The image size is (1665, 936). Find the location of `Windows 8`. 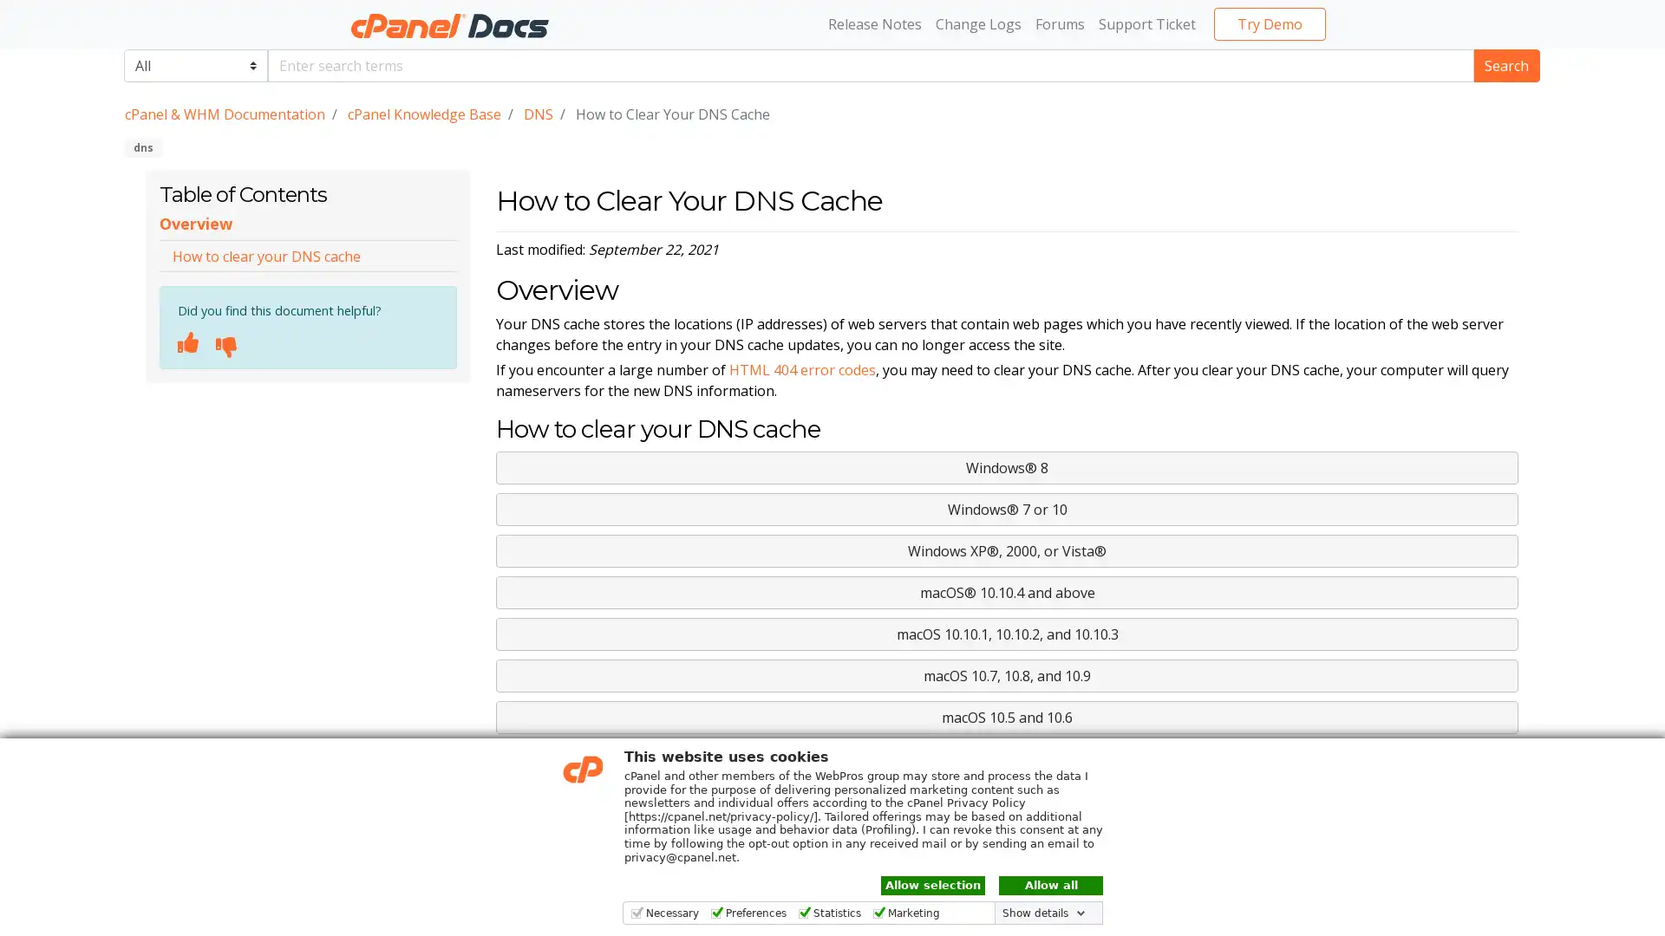

Windows 8 is located at coordinates (1007, 468).